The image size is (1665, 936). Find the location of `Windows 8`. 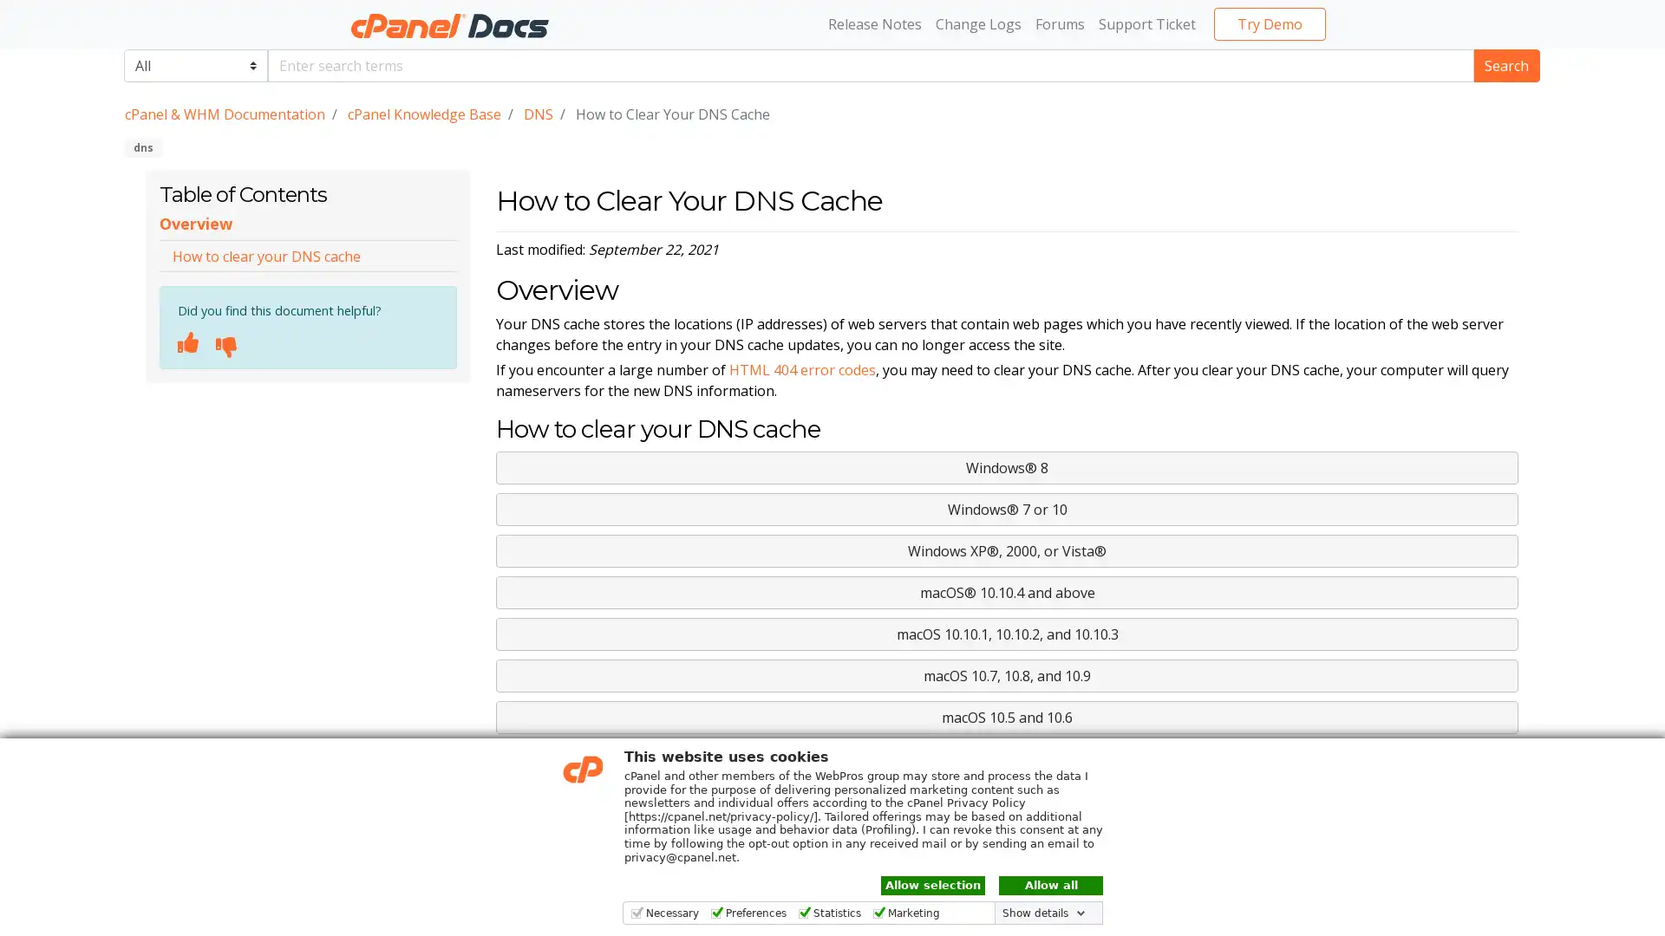

Windows 8 is located at coordinates (1007, 468).